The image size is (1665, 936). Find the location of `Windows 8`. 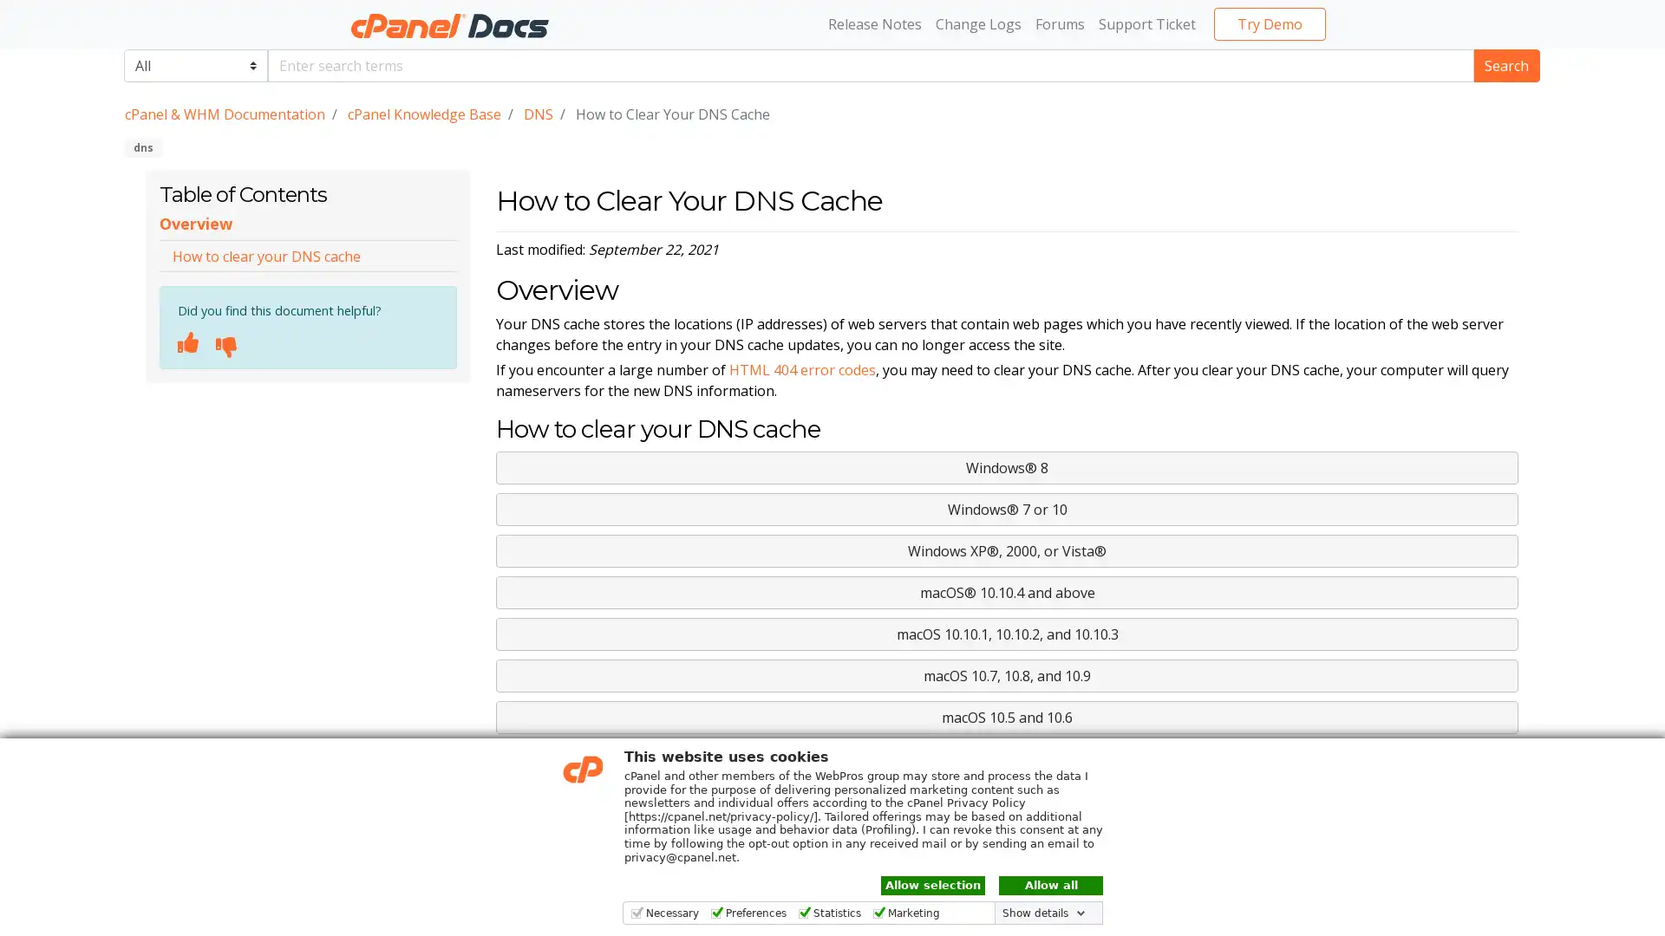

Windows 8 is located at coordinates (1007, 468).